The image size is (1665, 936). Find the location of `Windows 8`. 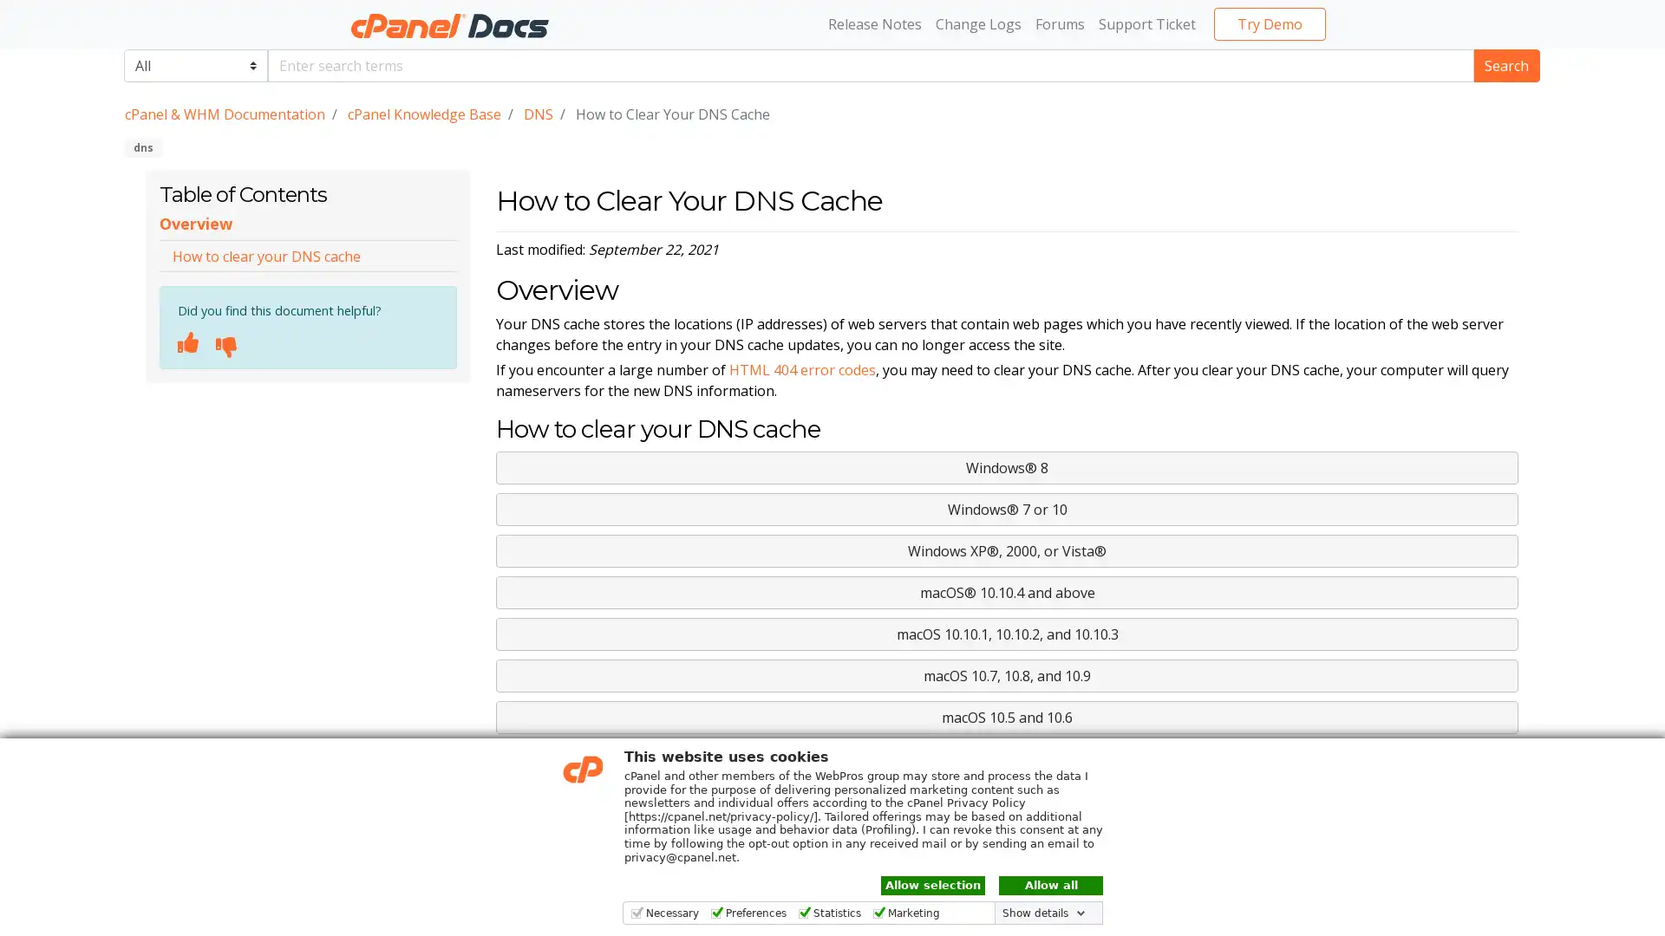

Windows 8 is located at coordinates (1007, 468).